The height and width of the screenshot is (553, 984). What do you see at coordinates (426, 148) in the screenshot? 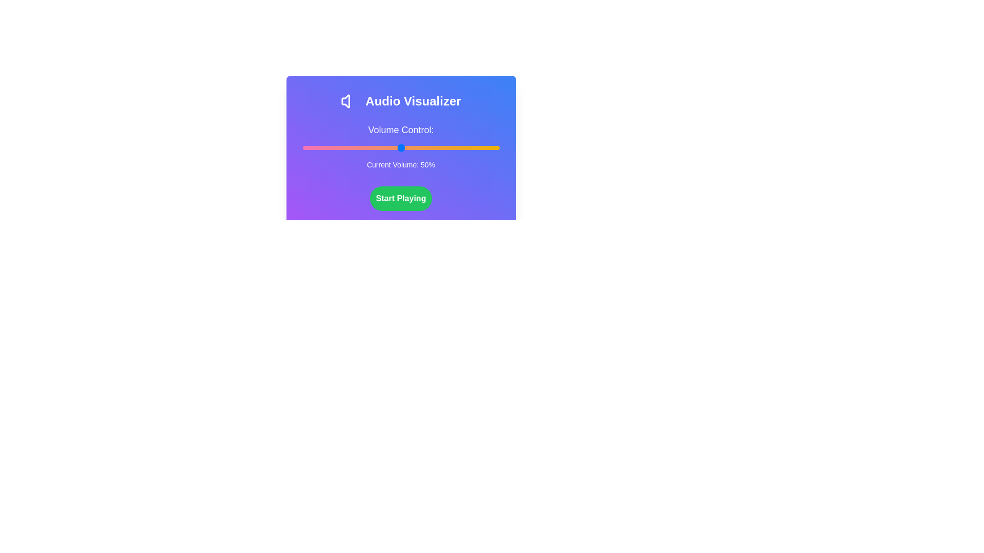
I see `the volume level` at bounding box center [426, 148].